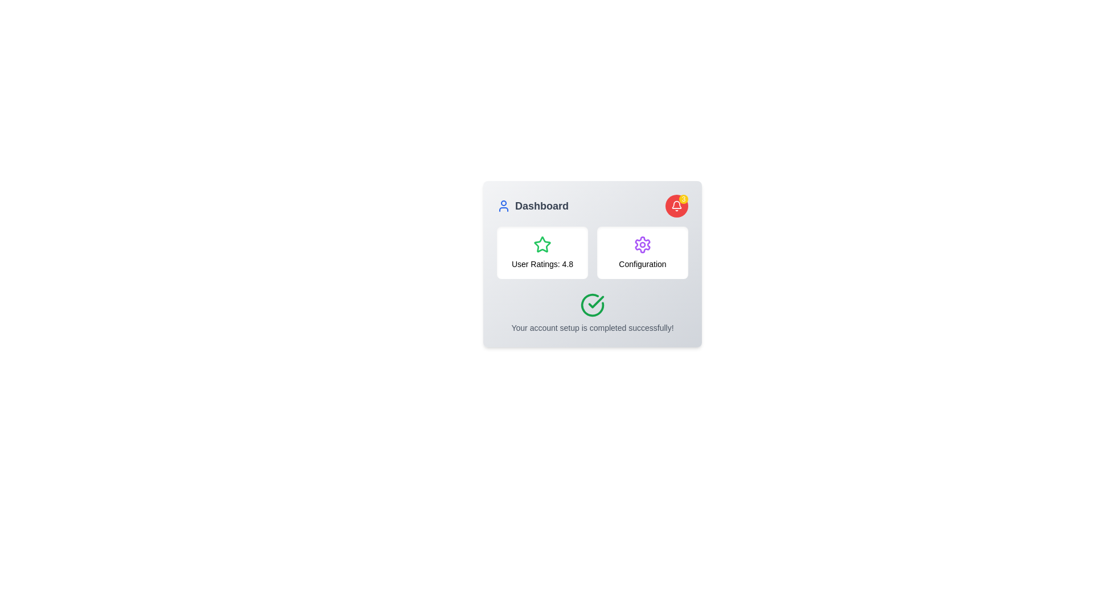 The height and width of the screenshot is (615, 1093). What do you see at coordinates (592, 327) in the screenshot?
I see `the static text message reading 'Your account setup is completed successfully!', which is styled in a small gray font and positioned below a green circular checkmark icon` at bounding box center [592, 327].